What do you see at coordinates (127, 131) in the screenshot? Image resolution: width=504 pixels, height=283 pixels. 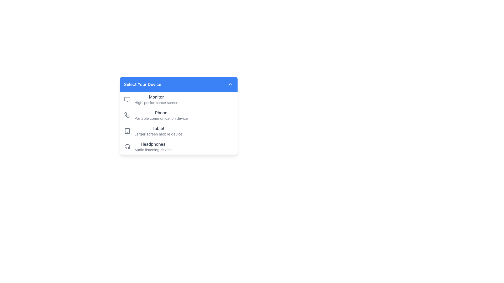 I see `the rounded rectangle element that is part of the tablet device icon, positioned at the center of the icon, which is displayed to the left of the text 'Tablet'` at bounding box center [127, 131].